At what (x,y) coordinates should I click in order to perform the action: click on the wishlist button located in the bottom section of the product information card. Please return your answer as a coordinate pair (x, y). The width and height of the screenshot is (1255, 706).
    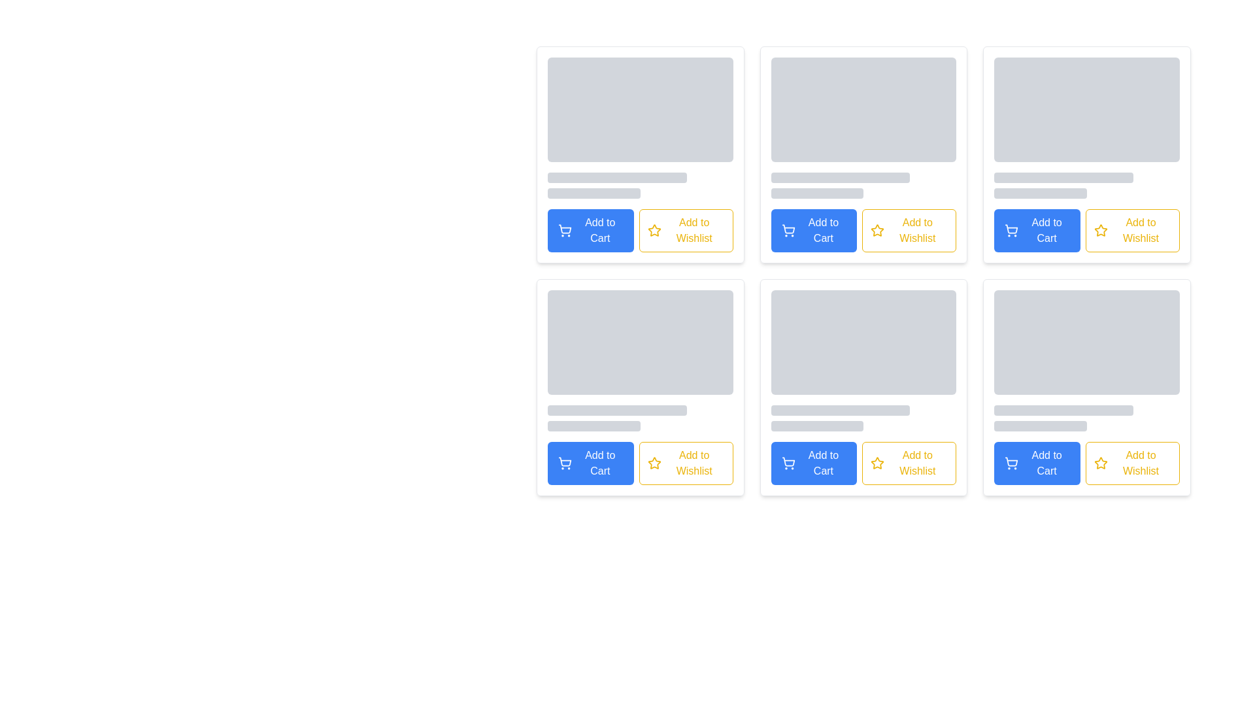
    Looking at the image, I should click on (909, 463).